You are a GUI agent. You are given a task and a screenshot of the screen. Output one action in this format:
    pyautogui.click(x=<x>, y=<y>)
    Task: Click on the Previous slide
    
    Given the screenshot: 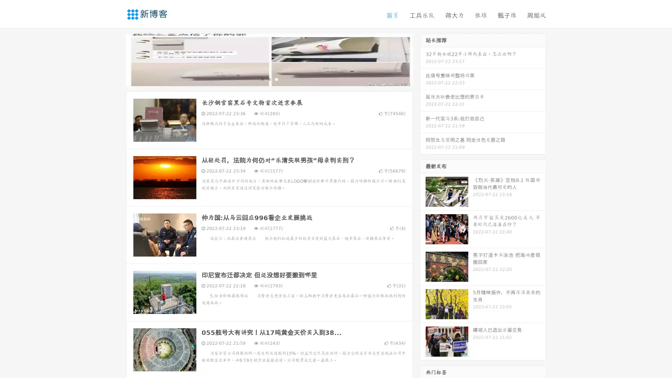 What is the action you would take?
    pyautogui.click(x=115, y=59)
    